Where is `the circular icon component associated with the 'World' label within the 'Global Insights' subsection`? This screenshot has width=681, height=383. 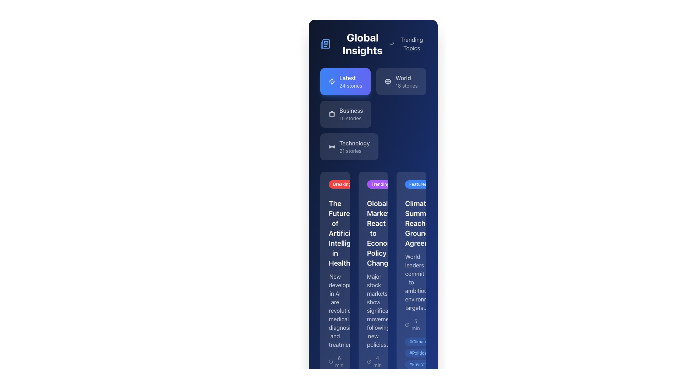 the circular icon component associated with the 'World' label within the 'Global Insights' subsection is located at coordinates (388, 81).